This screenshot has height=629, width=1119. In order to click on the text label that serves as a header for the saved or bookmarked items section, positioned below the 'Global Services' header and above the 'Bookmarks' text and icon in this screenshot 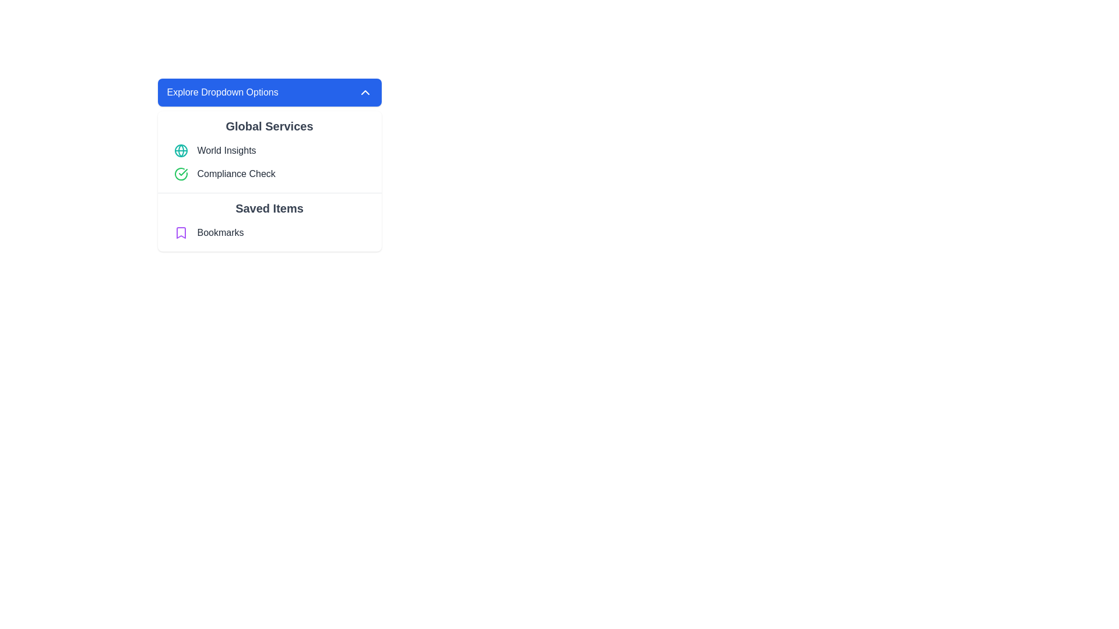, I will do `click(269, 208)`.